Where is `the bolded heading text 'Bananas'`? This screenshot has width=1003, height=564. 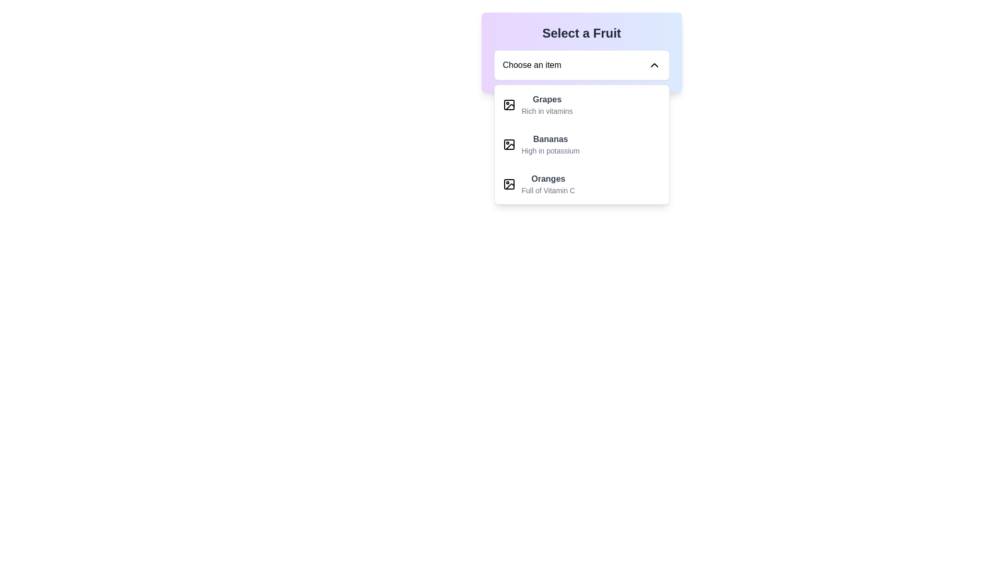 the bolded heading text 'Bananas' is located at coordinates (550, 138).